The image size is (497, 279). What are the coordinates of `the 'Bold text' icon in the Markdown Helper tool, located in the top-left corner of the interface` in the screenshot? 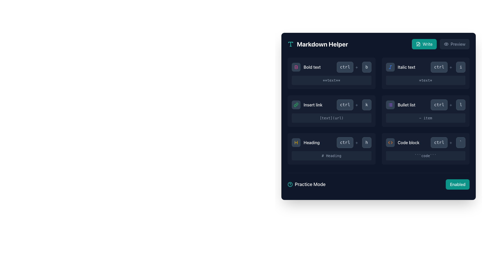 It's located at (296, 67).